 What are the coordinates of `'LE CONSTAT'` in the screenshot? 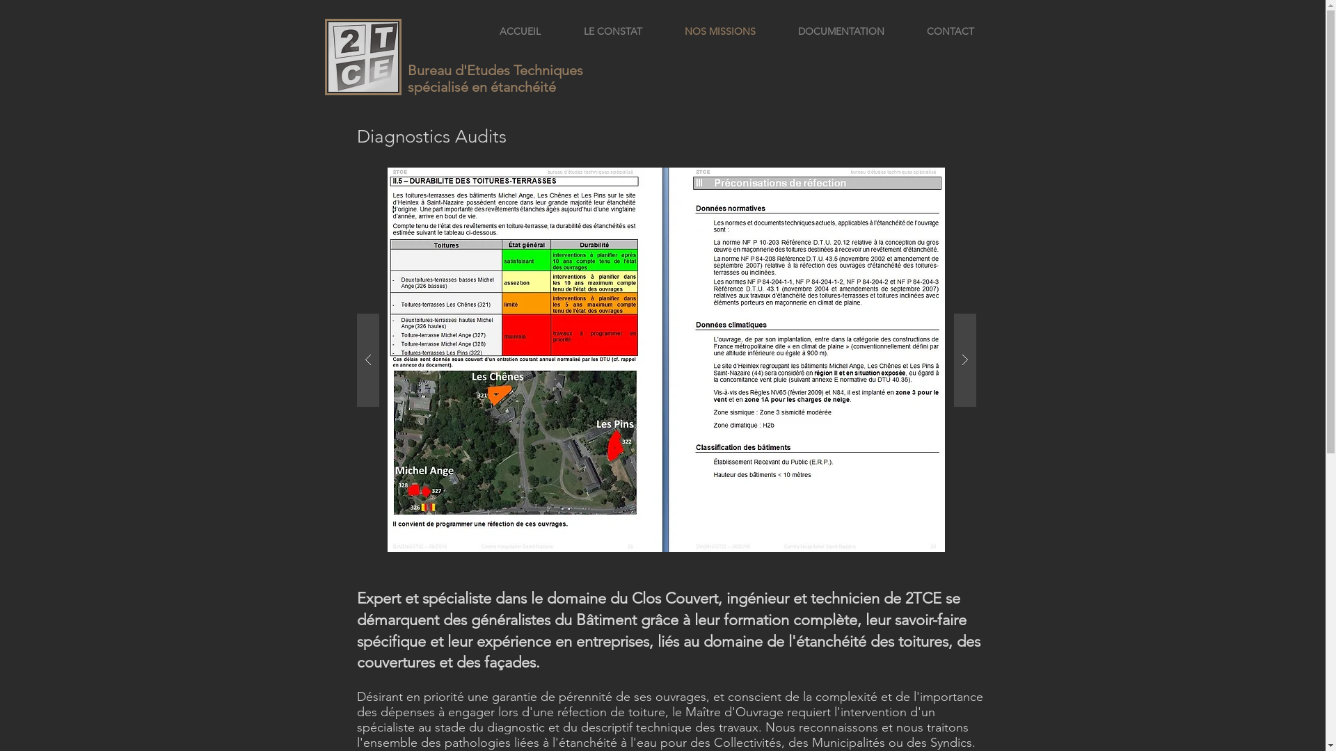 It's located at (612, 31).